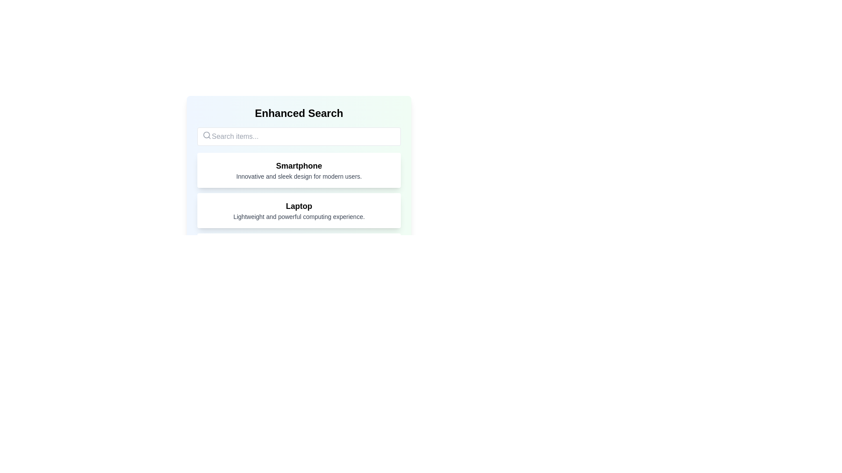  I want to click on the interactive card that provides information about a laptop, which is the second card in a vertically stacked list of product cards, so click(299, 211).